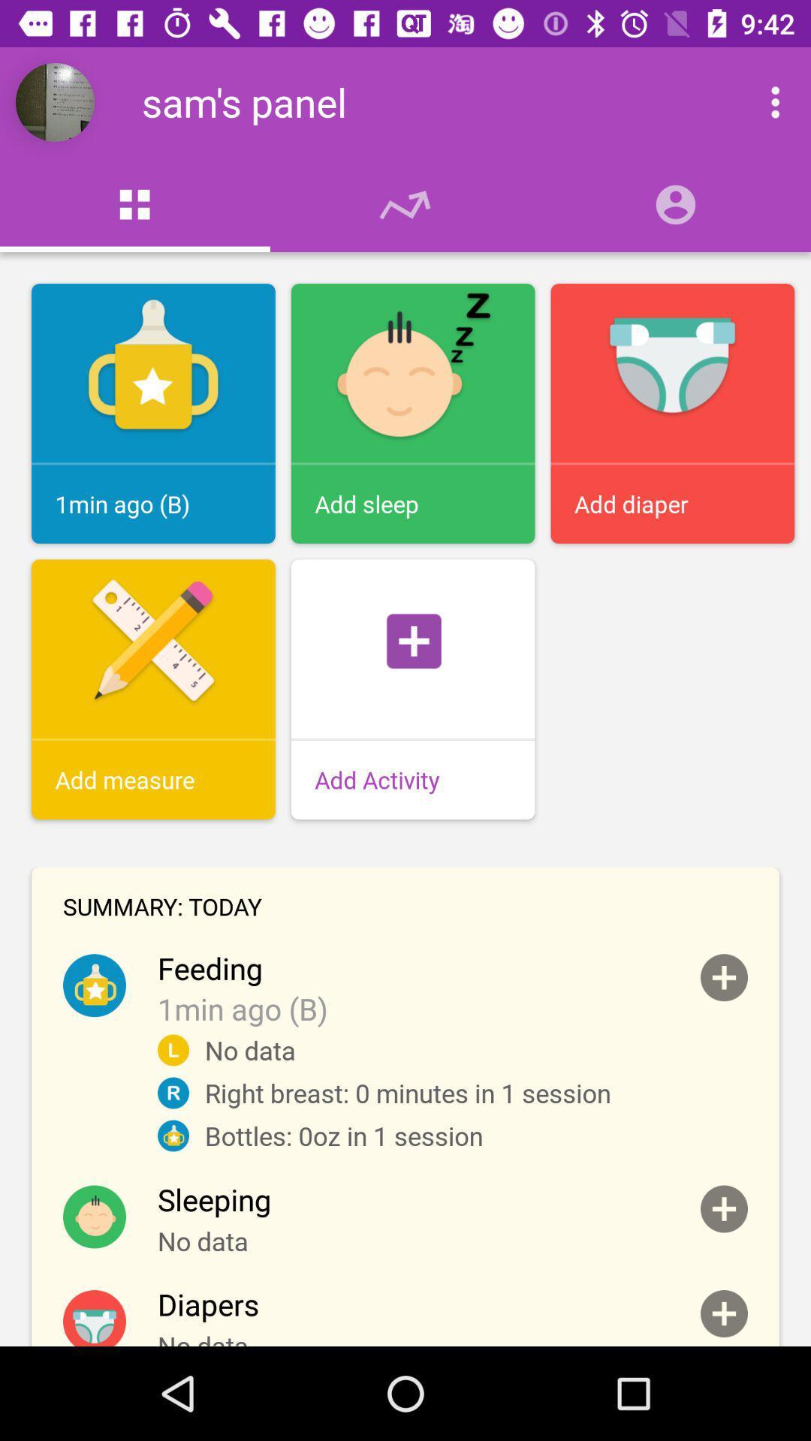 The width and height of the screenshot is (811, 1441). What do you see at coordinates (723, 1313) in the screenshot?
I see `data` at bounding box center [723, 1313].